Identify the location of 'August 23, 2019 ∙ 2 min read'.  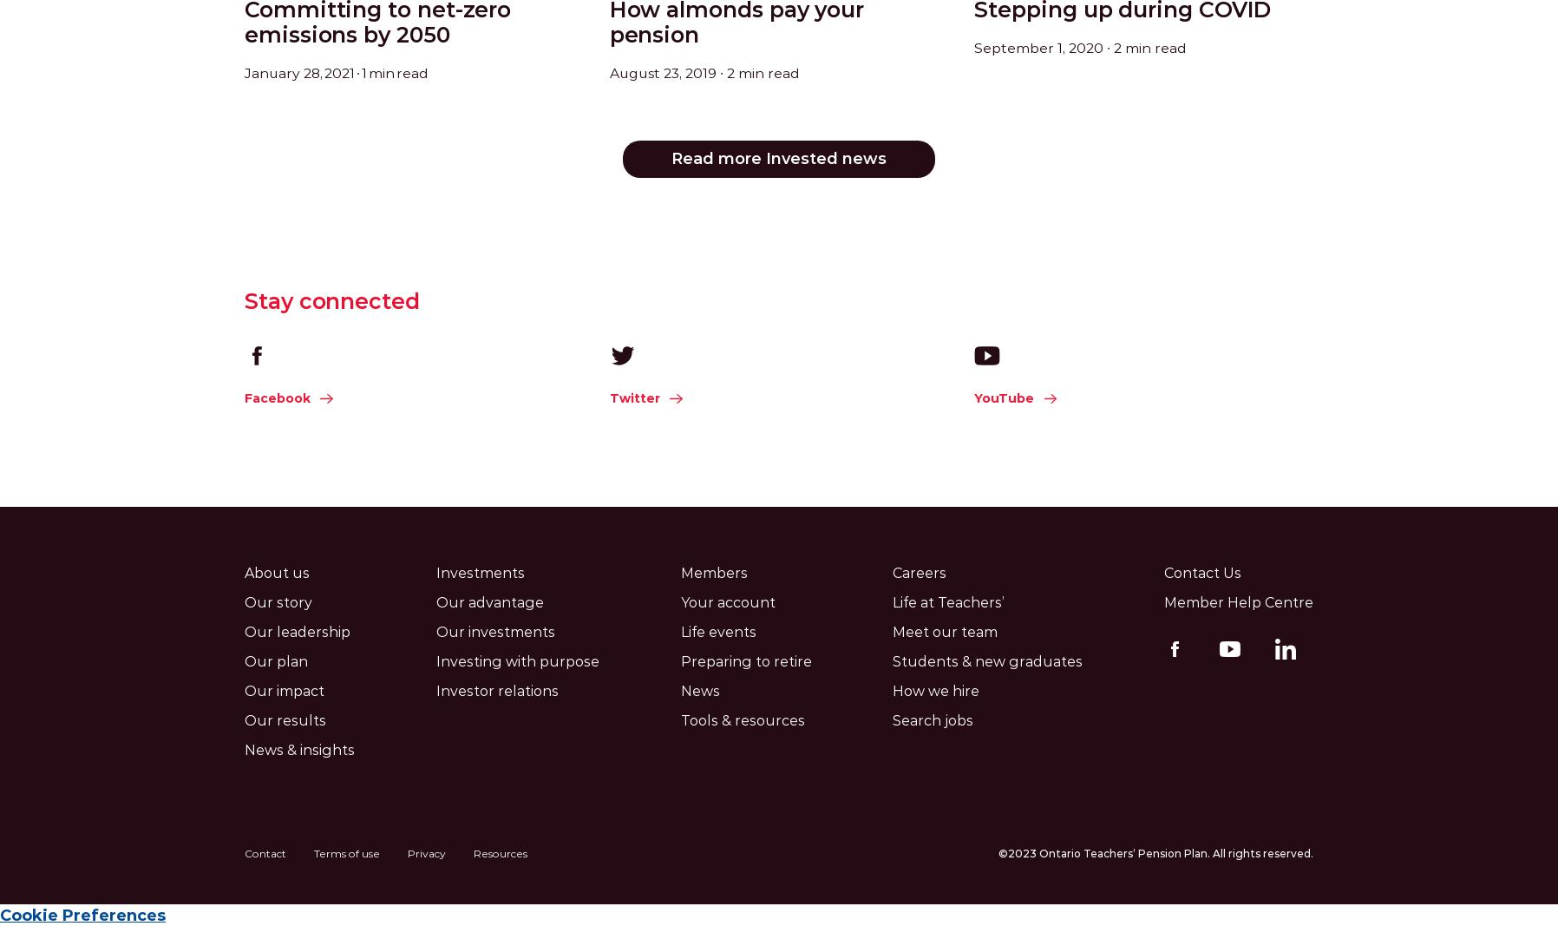
(609, 71).